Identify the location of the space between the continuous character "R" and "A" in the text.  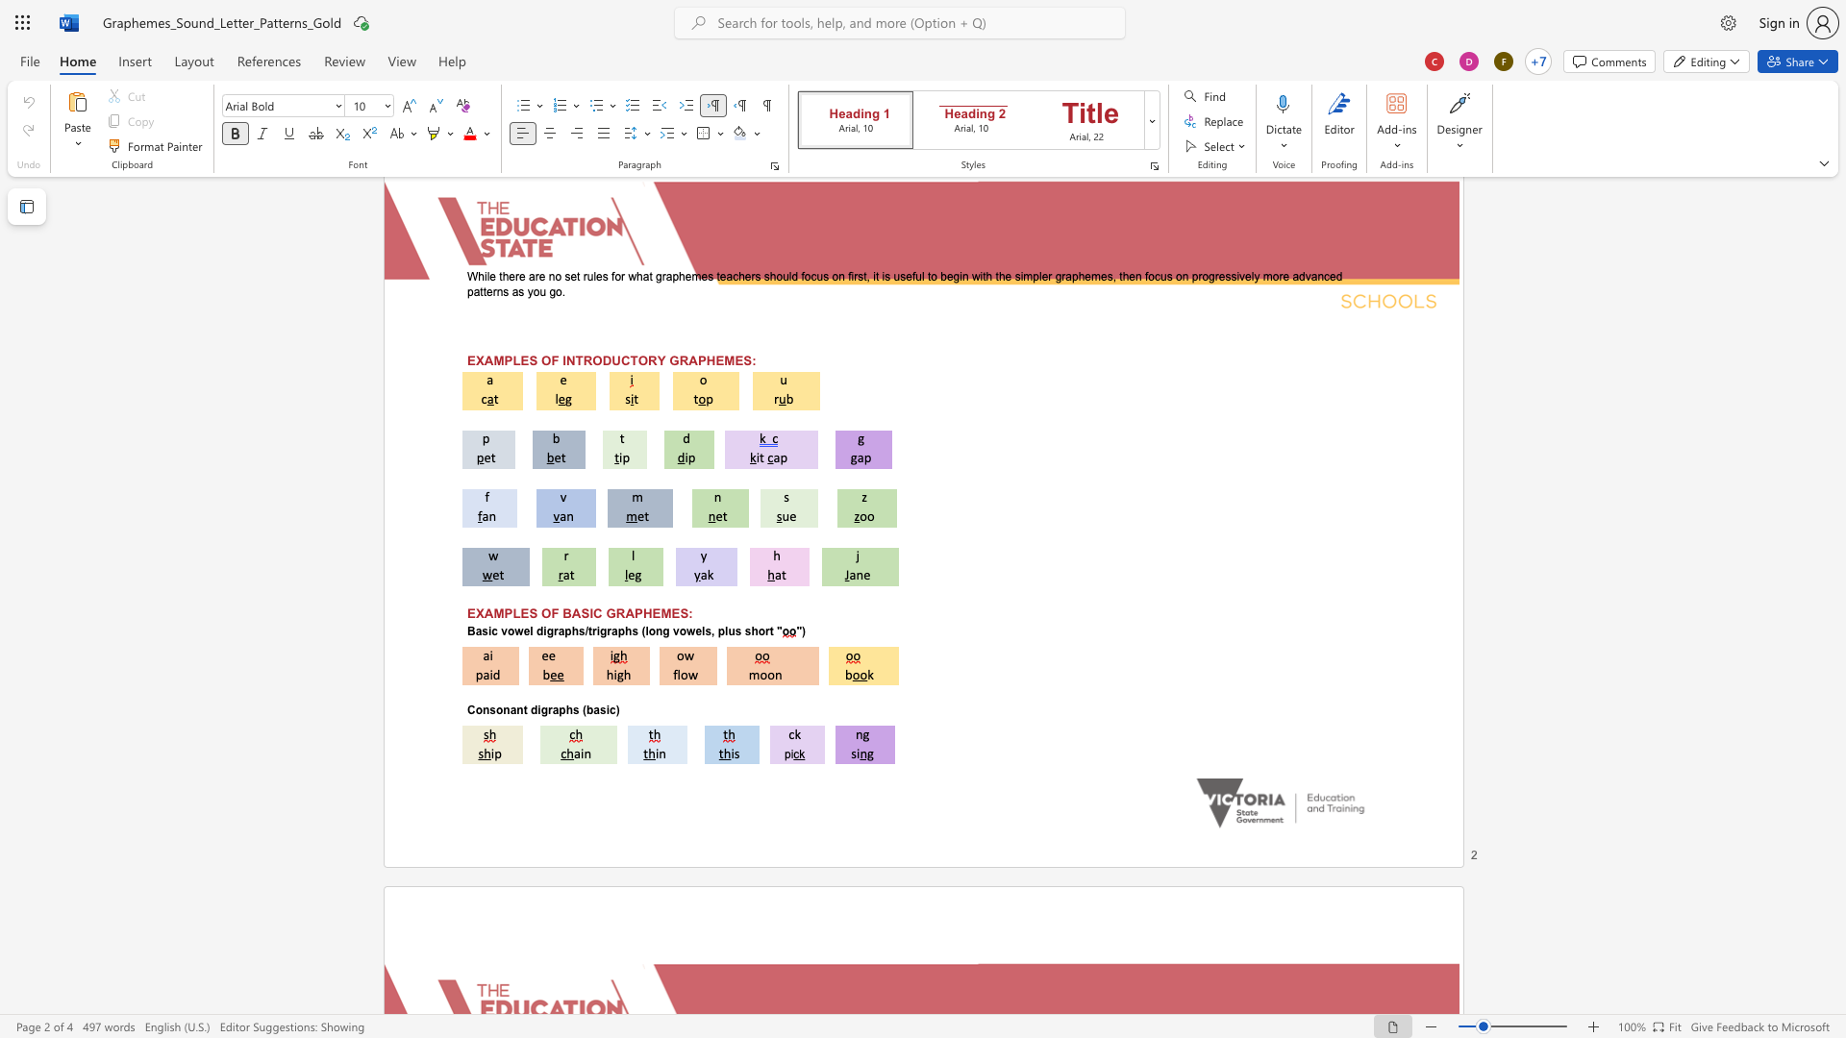
(625, 613).